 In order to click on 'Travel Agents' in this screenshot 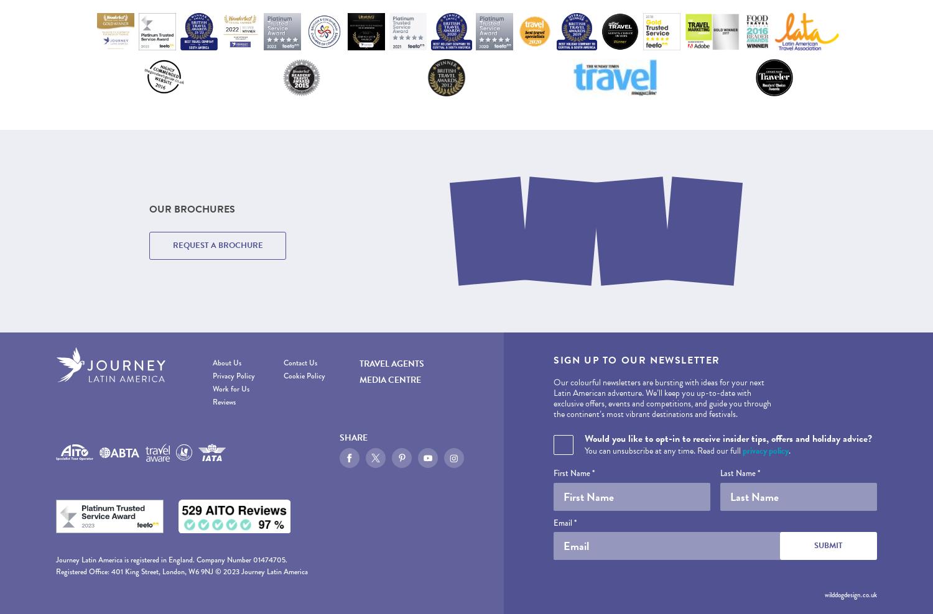, I will do `click(391, 364)`.